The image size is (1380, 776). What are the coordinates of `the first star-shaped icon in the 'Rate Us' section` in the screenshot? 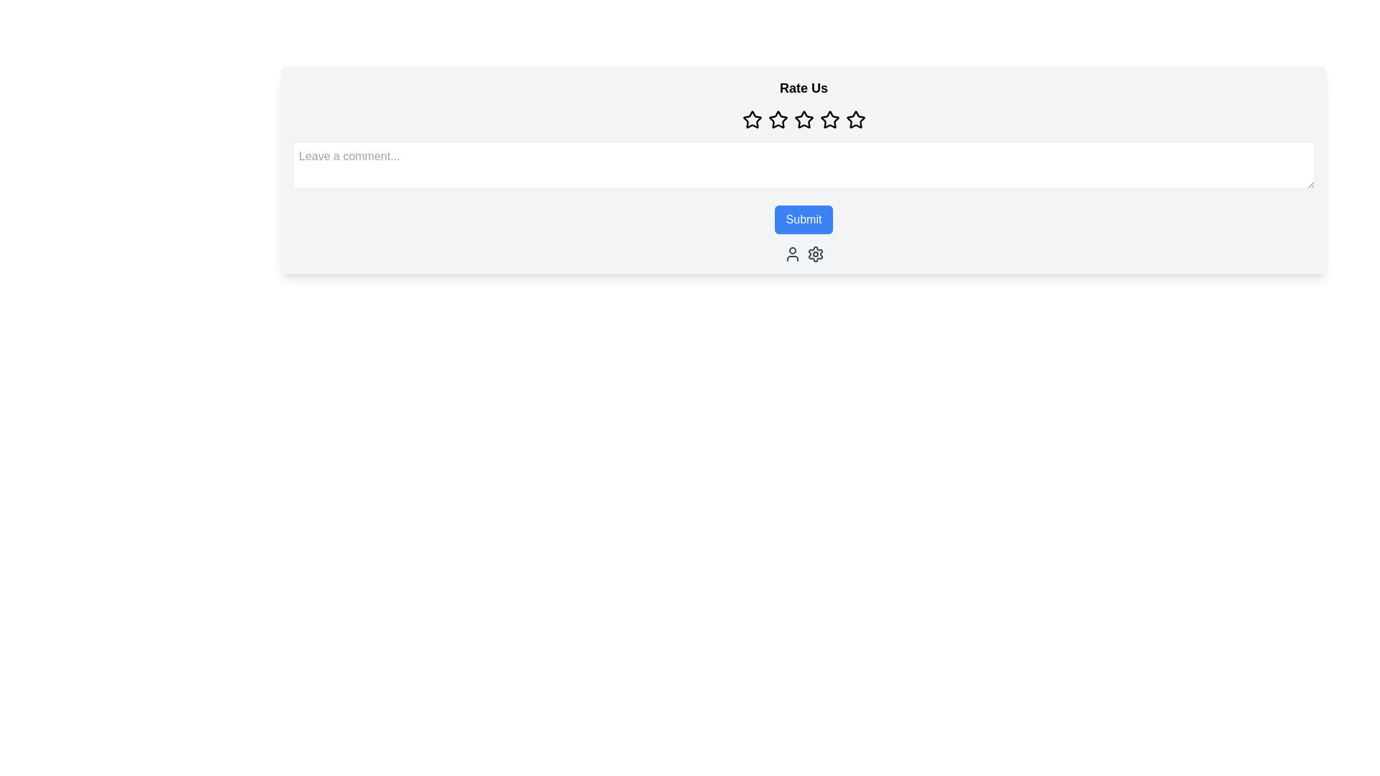 It's located at (751, 119).